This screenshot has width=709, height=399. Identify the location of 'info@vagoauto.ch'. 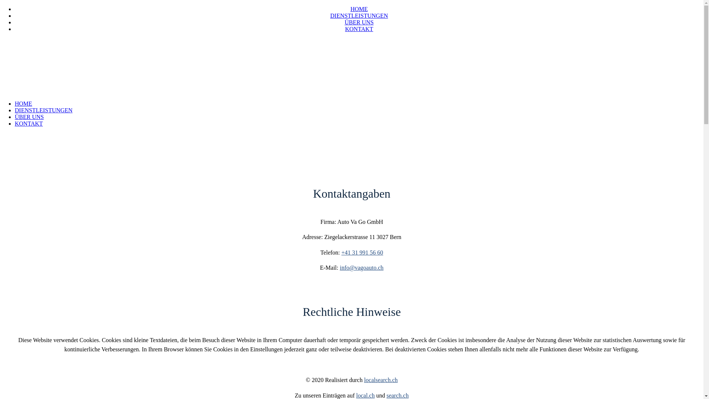
(362, 267).